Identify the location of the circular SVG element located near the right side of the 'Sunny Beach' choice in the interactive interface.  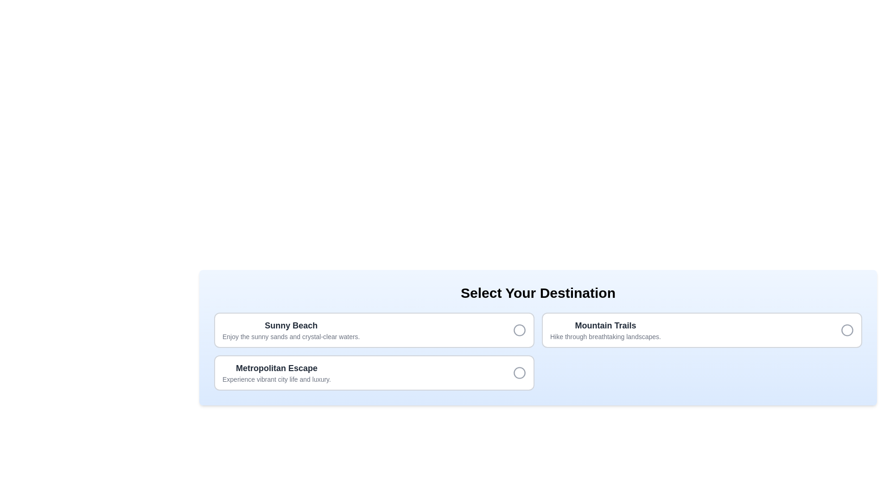
(520, 330).